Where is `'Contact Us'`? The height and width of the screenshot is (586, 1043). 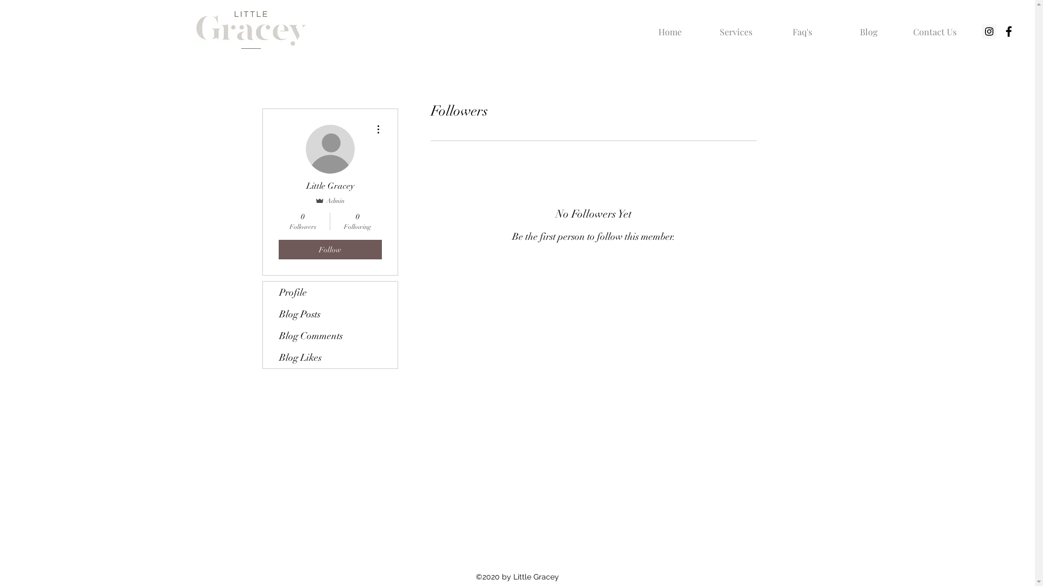
'Contact Us' is located at coordinates (902, 27).